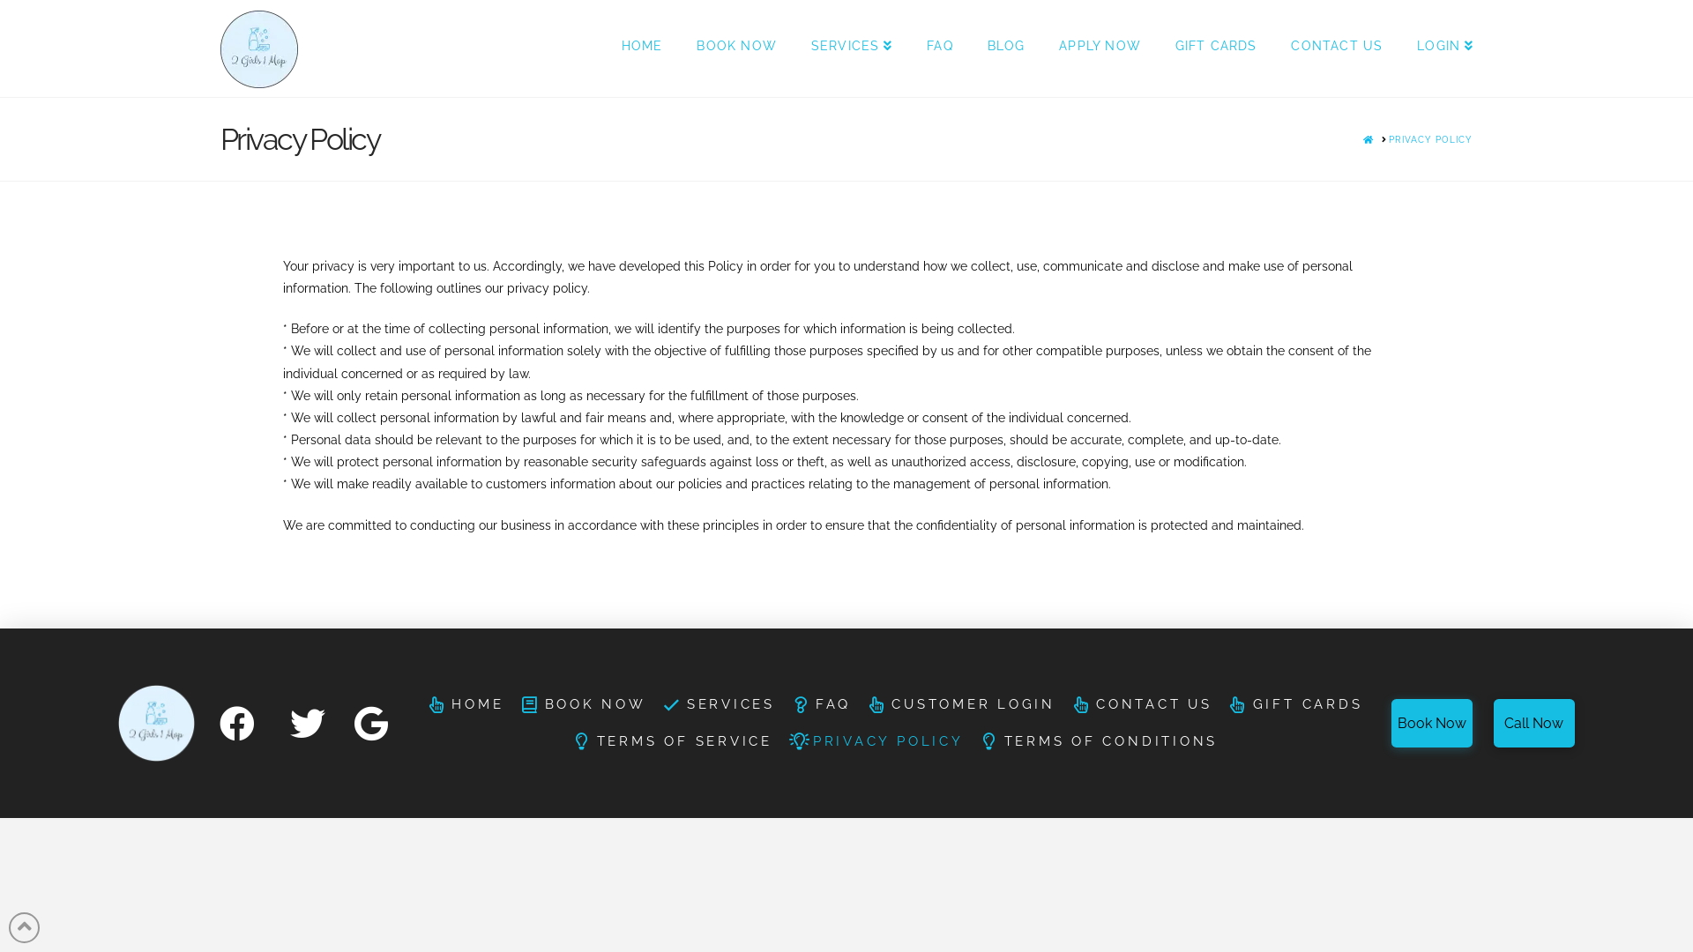  Describe the element at coordinates (1436, 47) in the screenshot. I see `'LOGIN'` at that location.